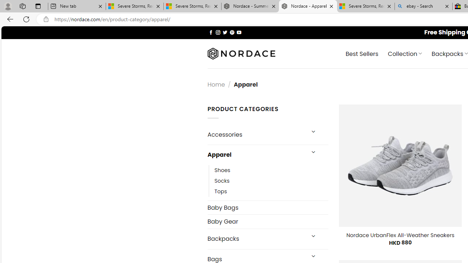  I want to click on 'Baby Gear', so click(267, 221).